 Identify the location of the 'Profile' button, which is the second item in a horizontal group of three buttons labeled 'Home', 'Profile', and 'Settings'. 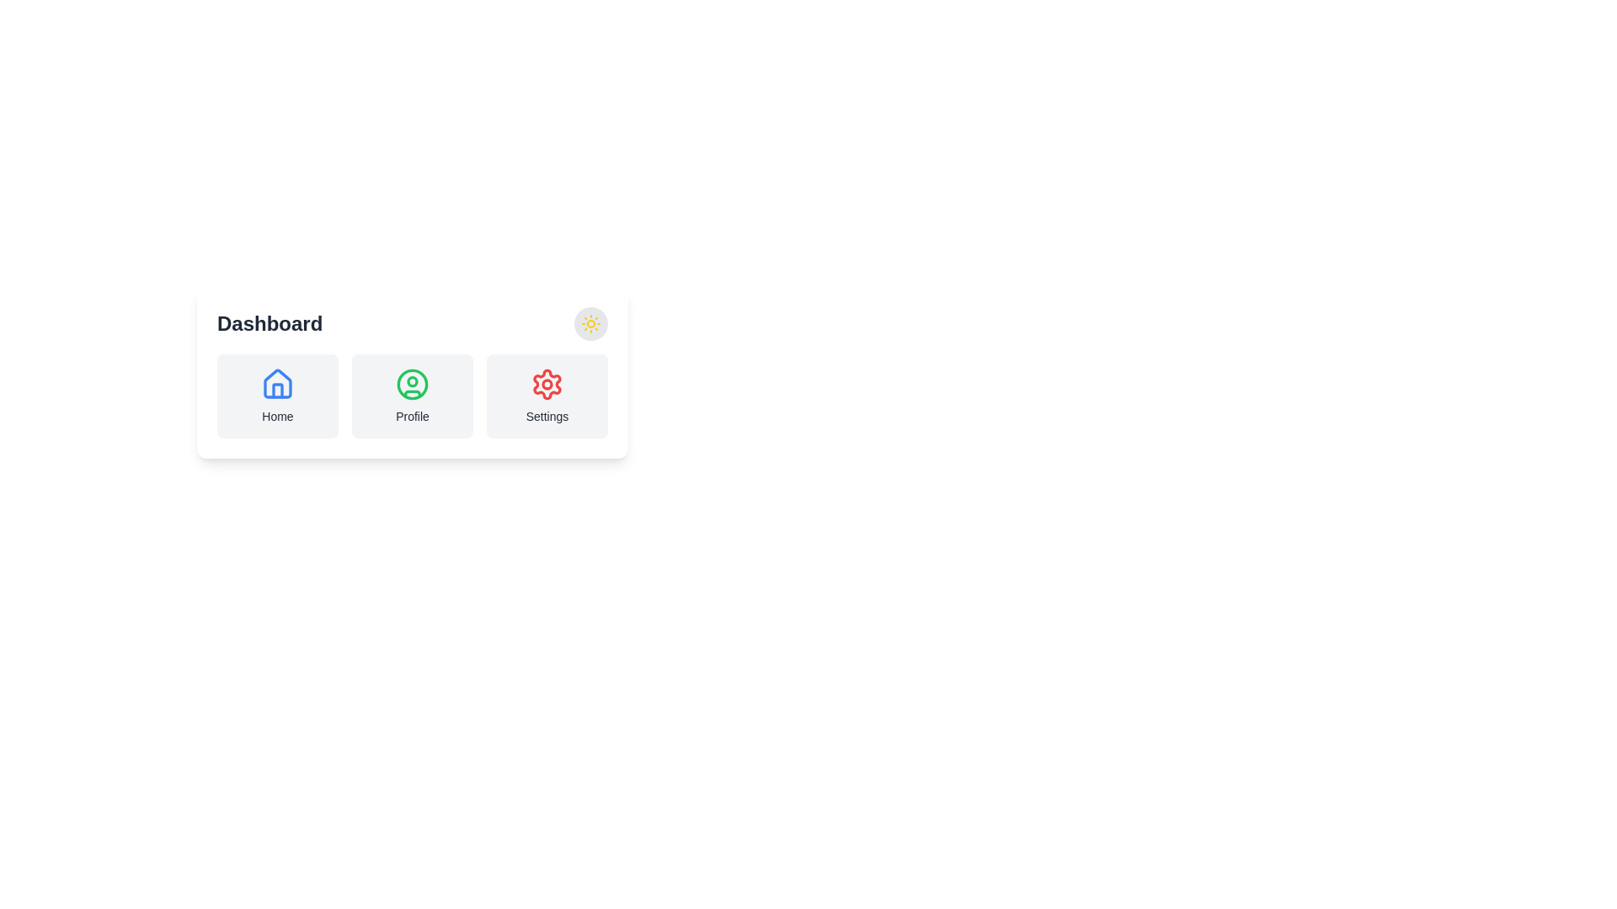
(412, 396).